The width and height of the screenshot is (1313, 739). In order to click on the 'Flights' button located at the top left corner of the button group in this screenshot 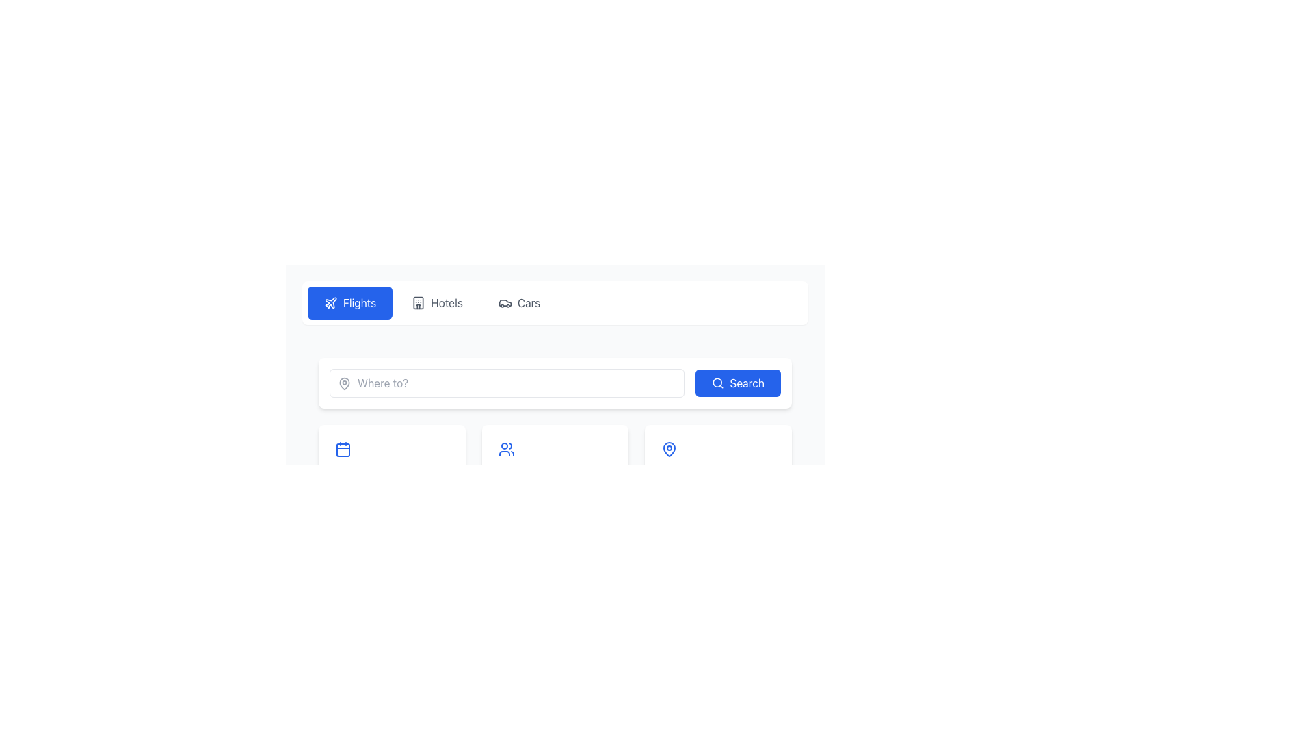, I will do `click(350, 302)`.